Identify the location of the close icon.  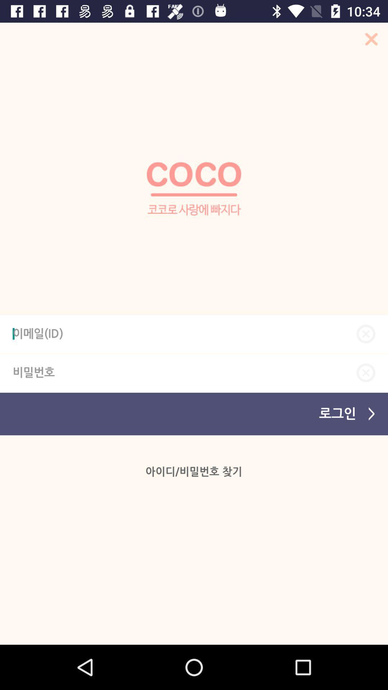
(366, 373).